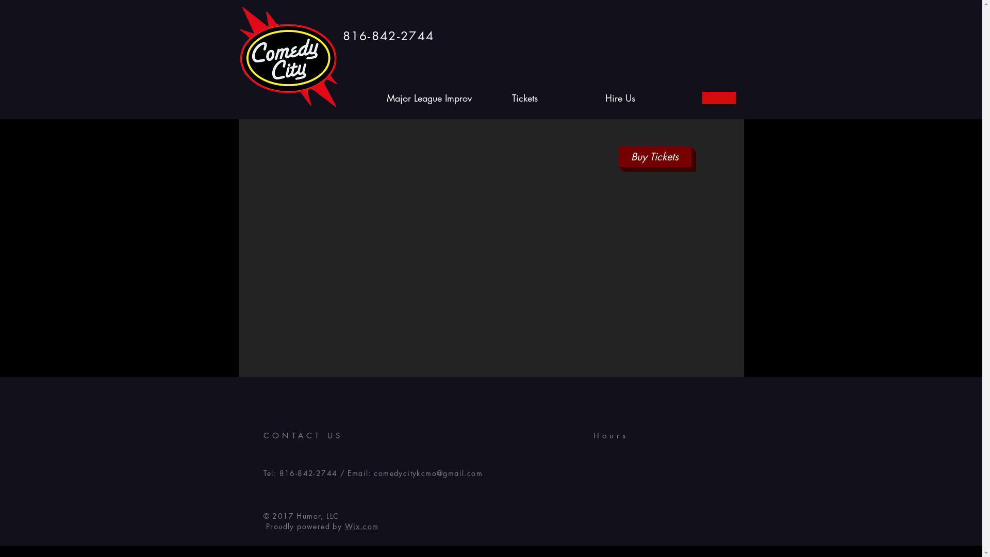 The width and height of the screenshot is (990, 557). Describe the element at coordinates (524, 97) in the screenshot. I see `'Tickets'` at that location.